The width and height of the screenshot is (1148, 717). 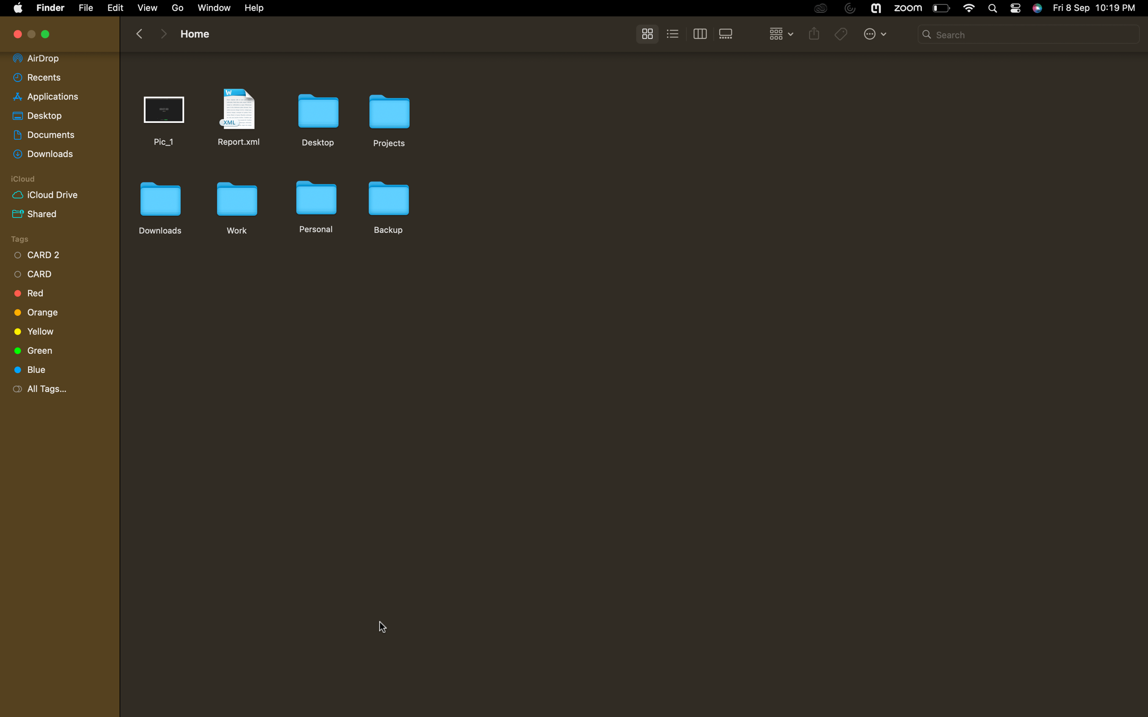 I want to click on Alter the name of the personal folder to home, so click(x=315, y=205).